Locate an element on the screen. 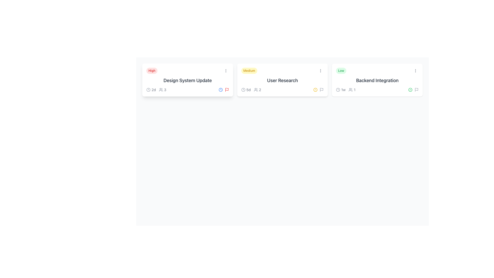  the timestamp information displayed on the Text label located within the 'User Research' card, adjacent to the clock icon is located at coordinates (246, 89).